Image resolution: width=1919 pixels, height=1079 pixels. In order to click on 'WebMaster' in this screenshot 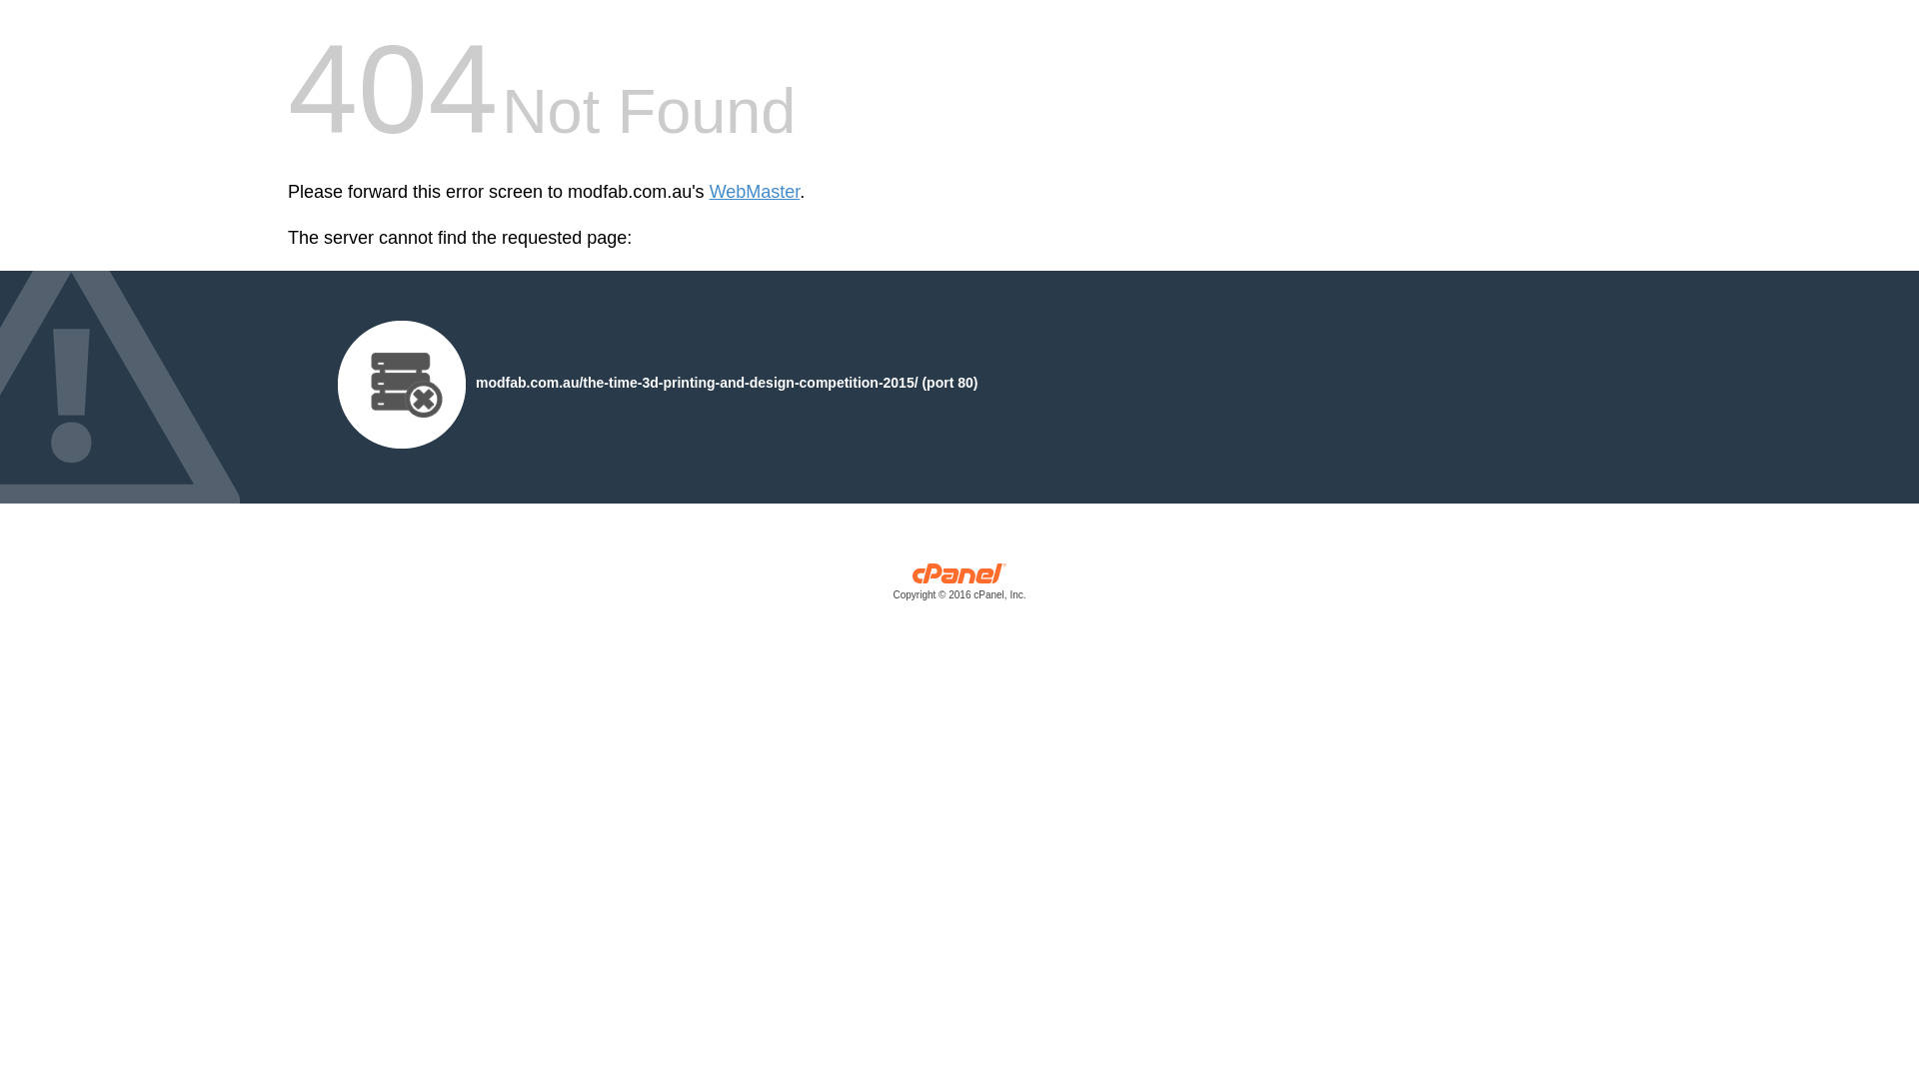, I will do `click(710, 192)`.